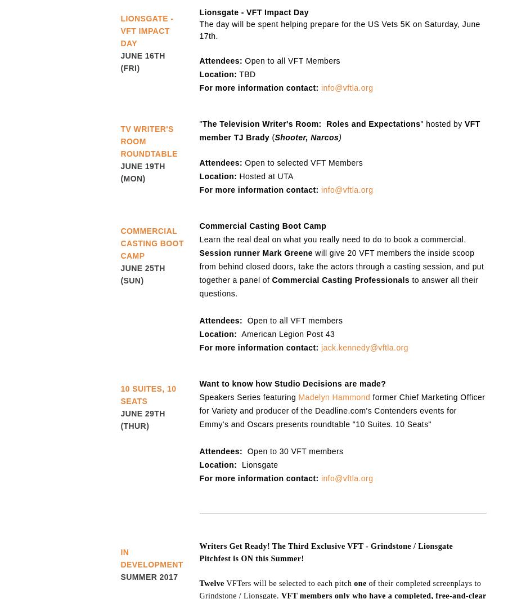 Image resolution: width=526 pixels, height=599 pixels. What do you see at coordinates (441, 124) in the screenshot?
I see `'" hosted by'` at bounding box center [441, 124].